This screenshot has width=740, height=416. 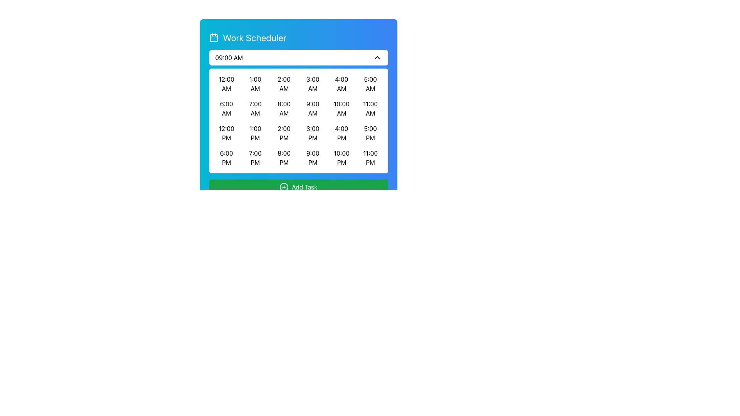 What do you see at coordinates (284, 187) in the screenshot?
I see `the circular visual indicator located at the center of the green 'Add Task' button in the 'Work Scheduler' panel` at bounding box center [284, 187].